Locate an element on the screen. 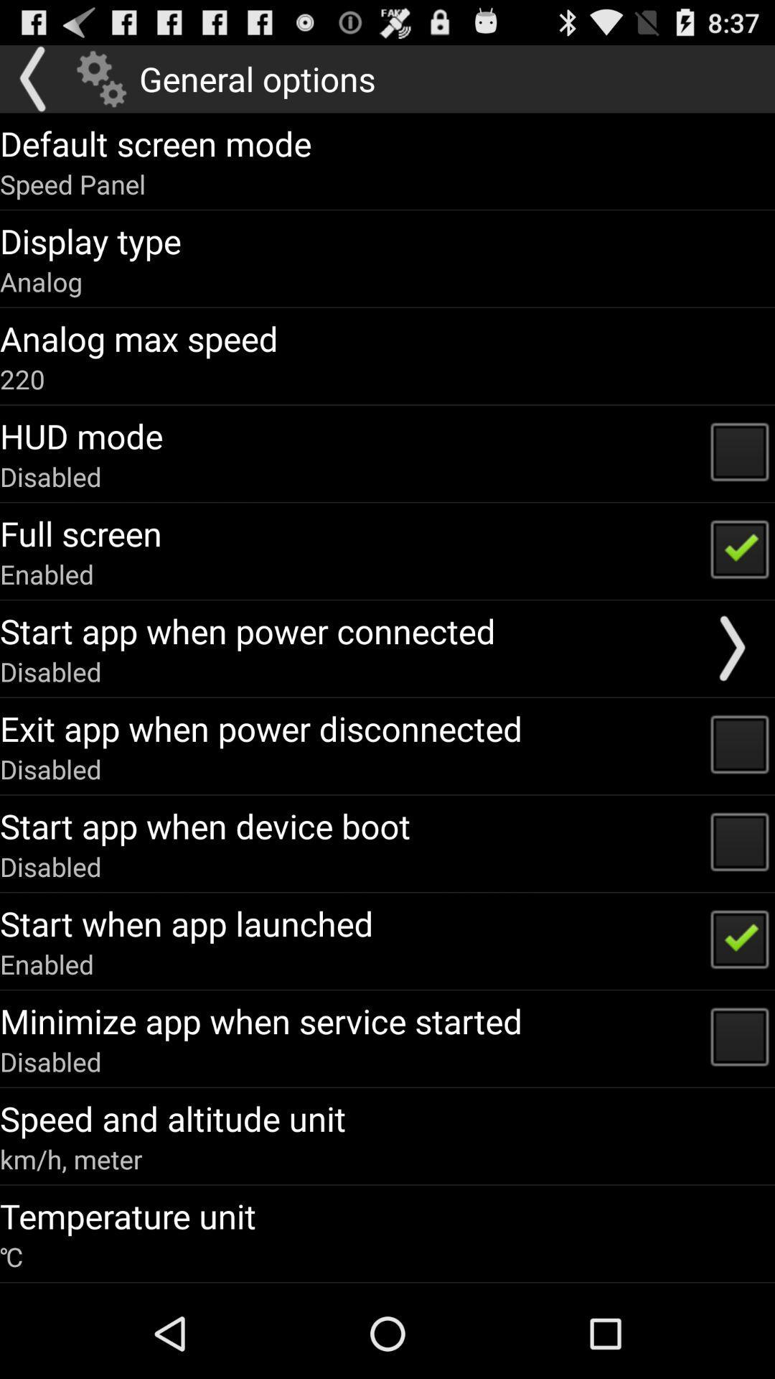 Image resolution: width=775 pixels, height=1379 pixels. previous is located at coordinates (33, 78).